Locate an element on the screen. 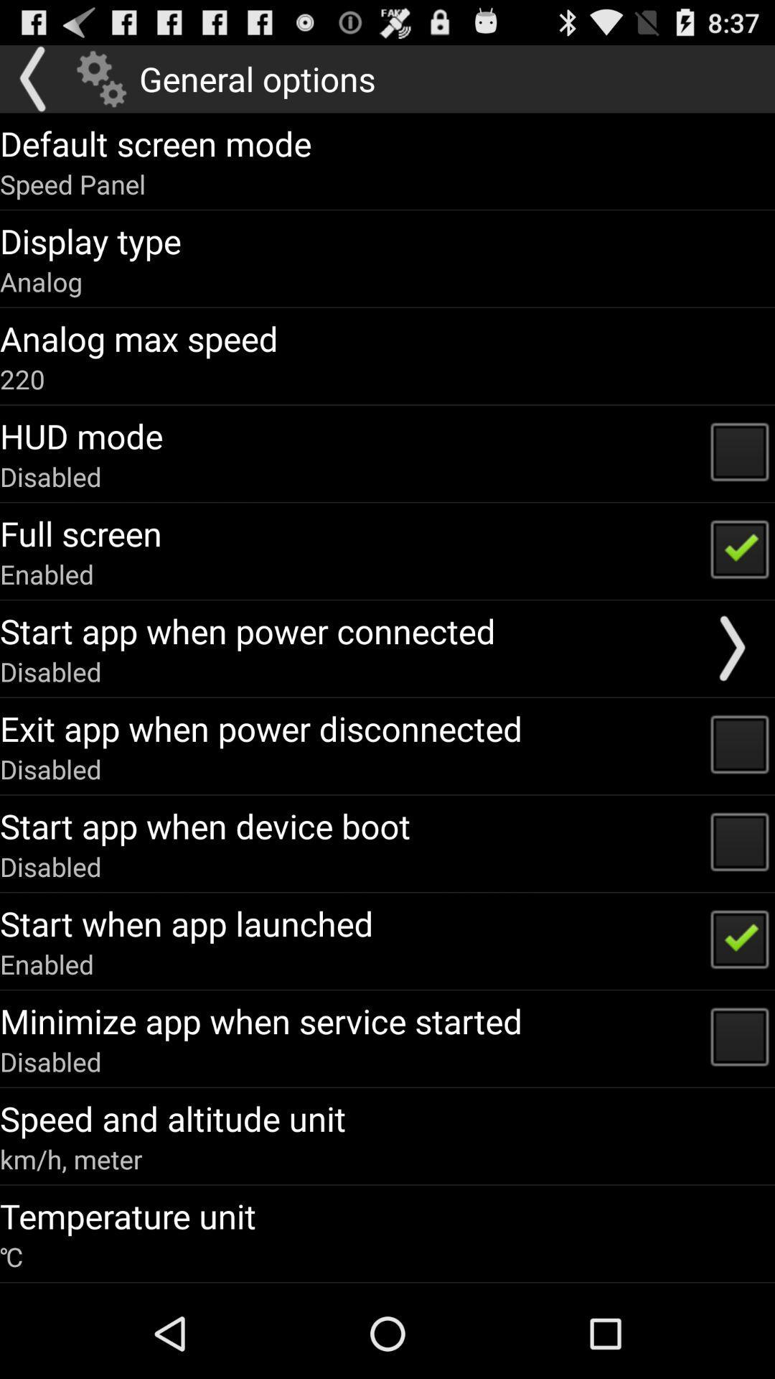 Image resolution: width=775 pixels, height=1379 pixels. previous is located at coordinates (33, 78).